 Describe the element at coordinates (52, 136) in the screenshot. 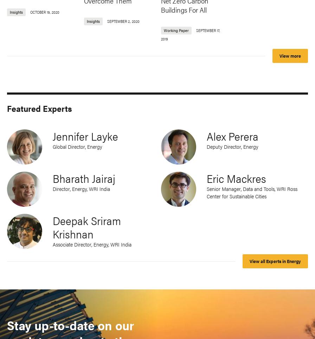

I see `'Jennifer Layke'` at that location.